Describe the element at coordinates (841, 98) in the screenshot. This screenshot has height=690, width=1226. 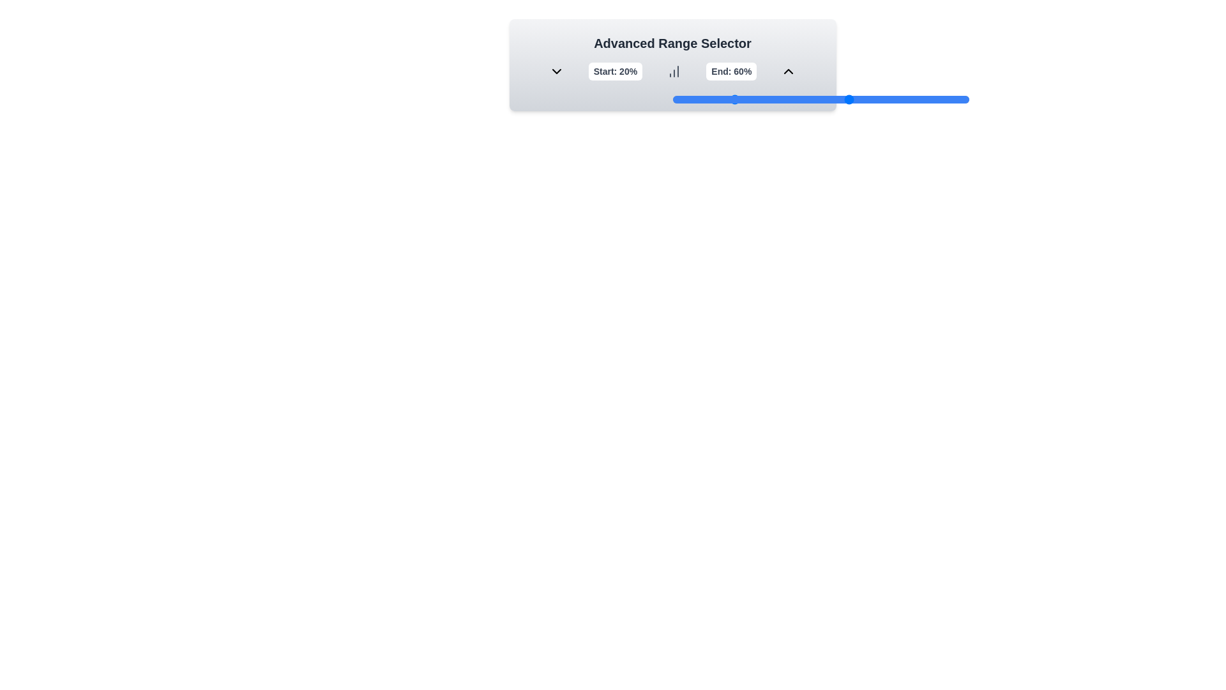
I see `the end range slider to 57%` at that location.